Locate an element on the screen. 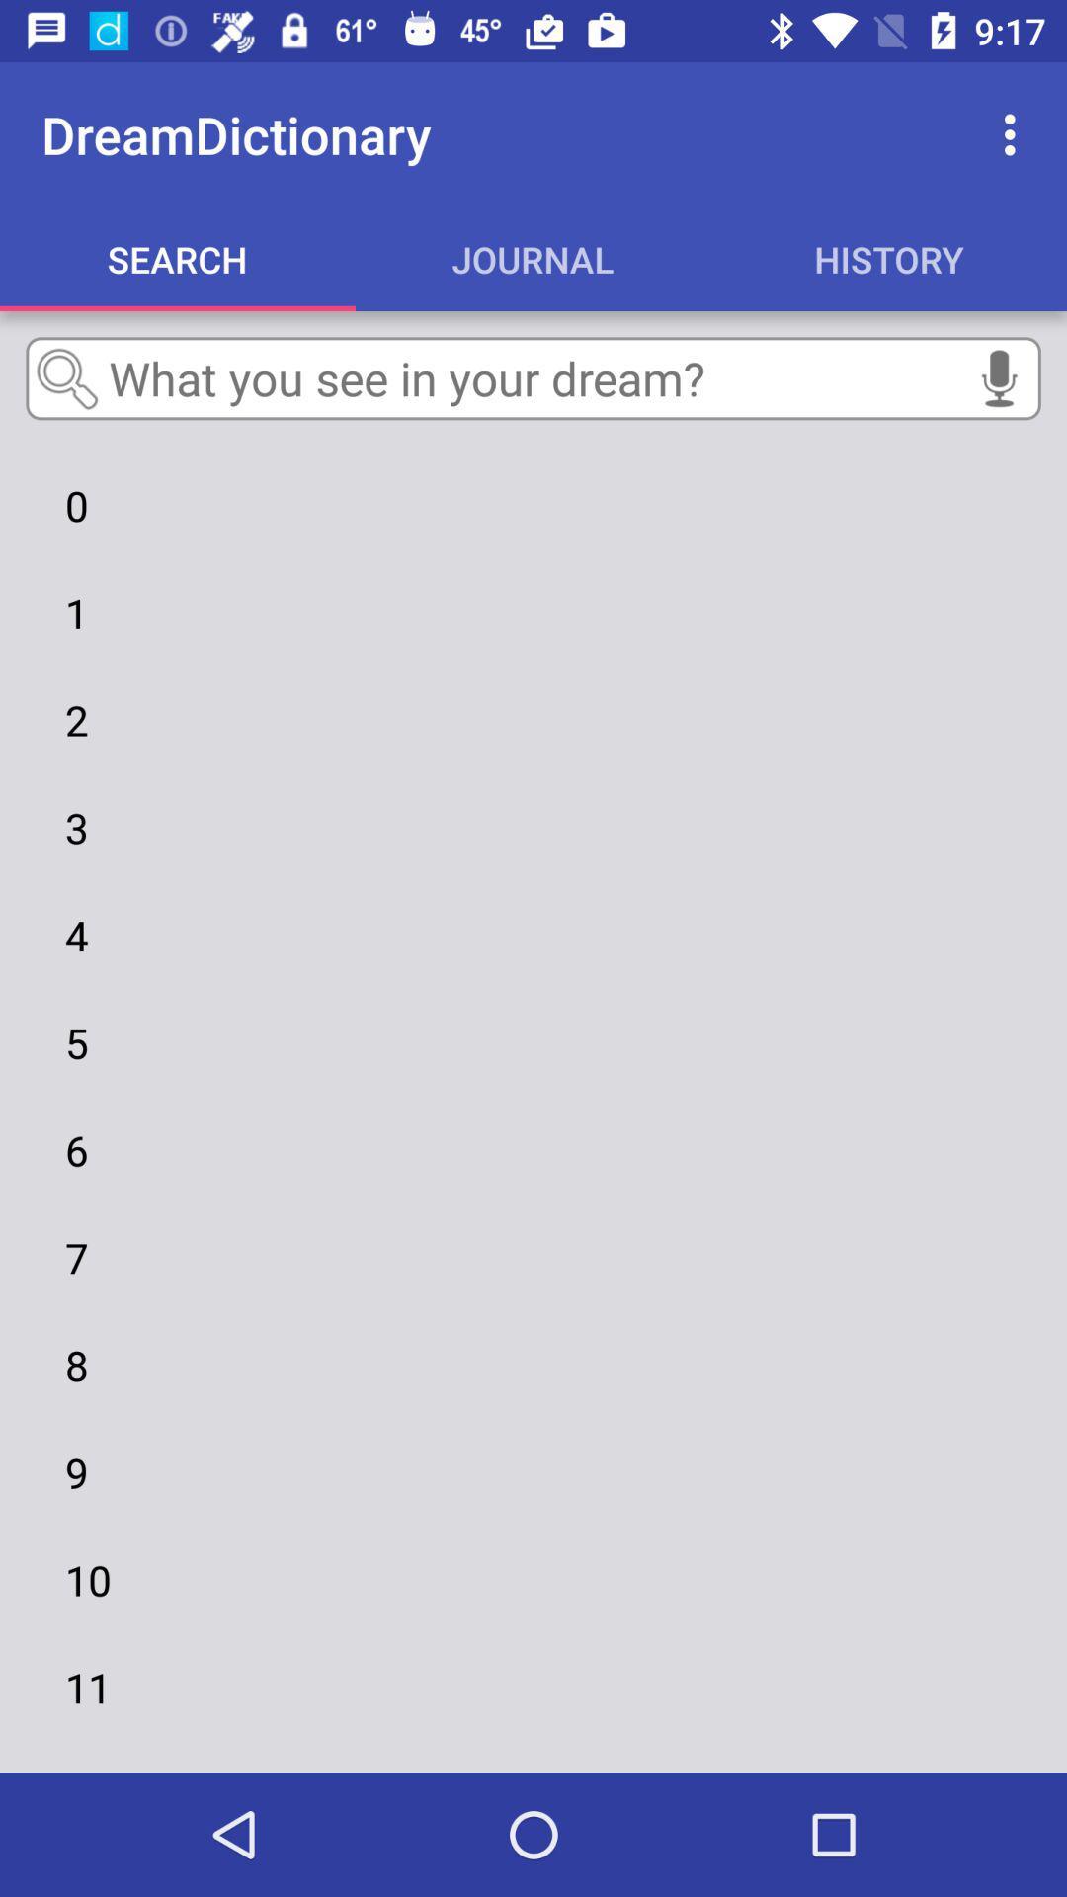  the icon to the right of the dreamdictionary app is located at coordinates (1015, 133).